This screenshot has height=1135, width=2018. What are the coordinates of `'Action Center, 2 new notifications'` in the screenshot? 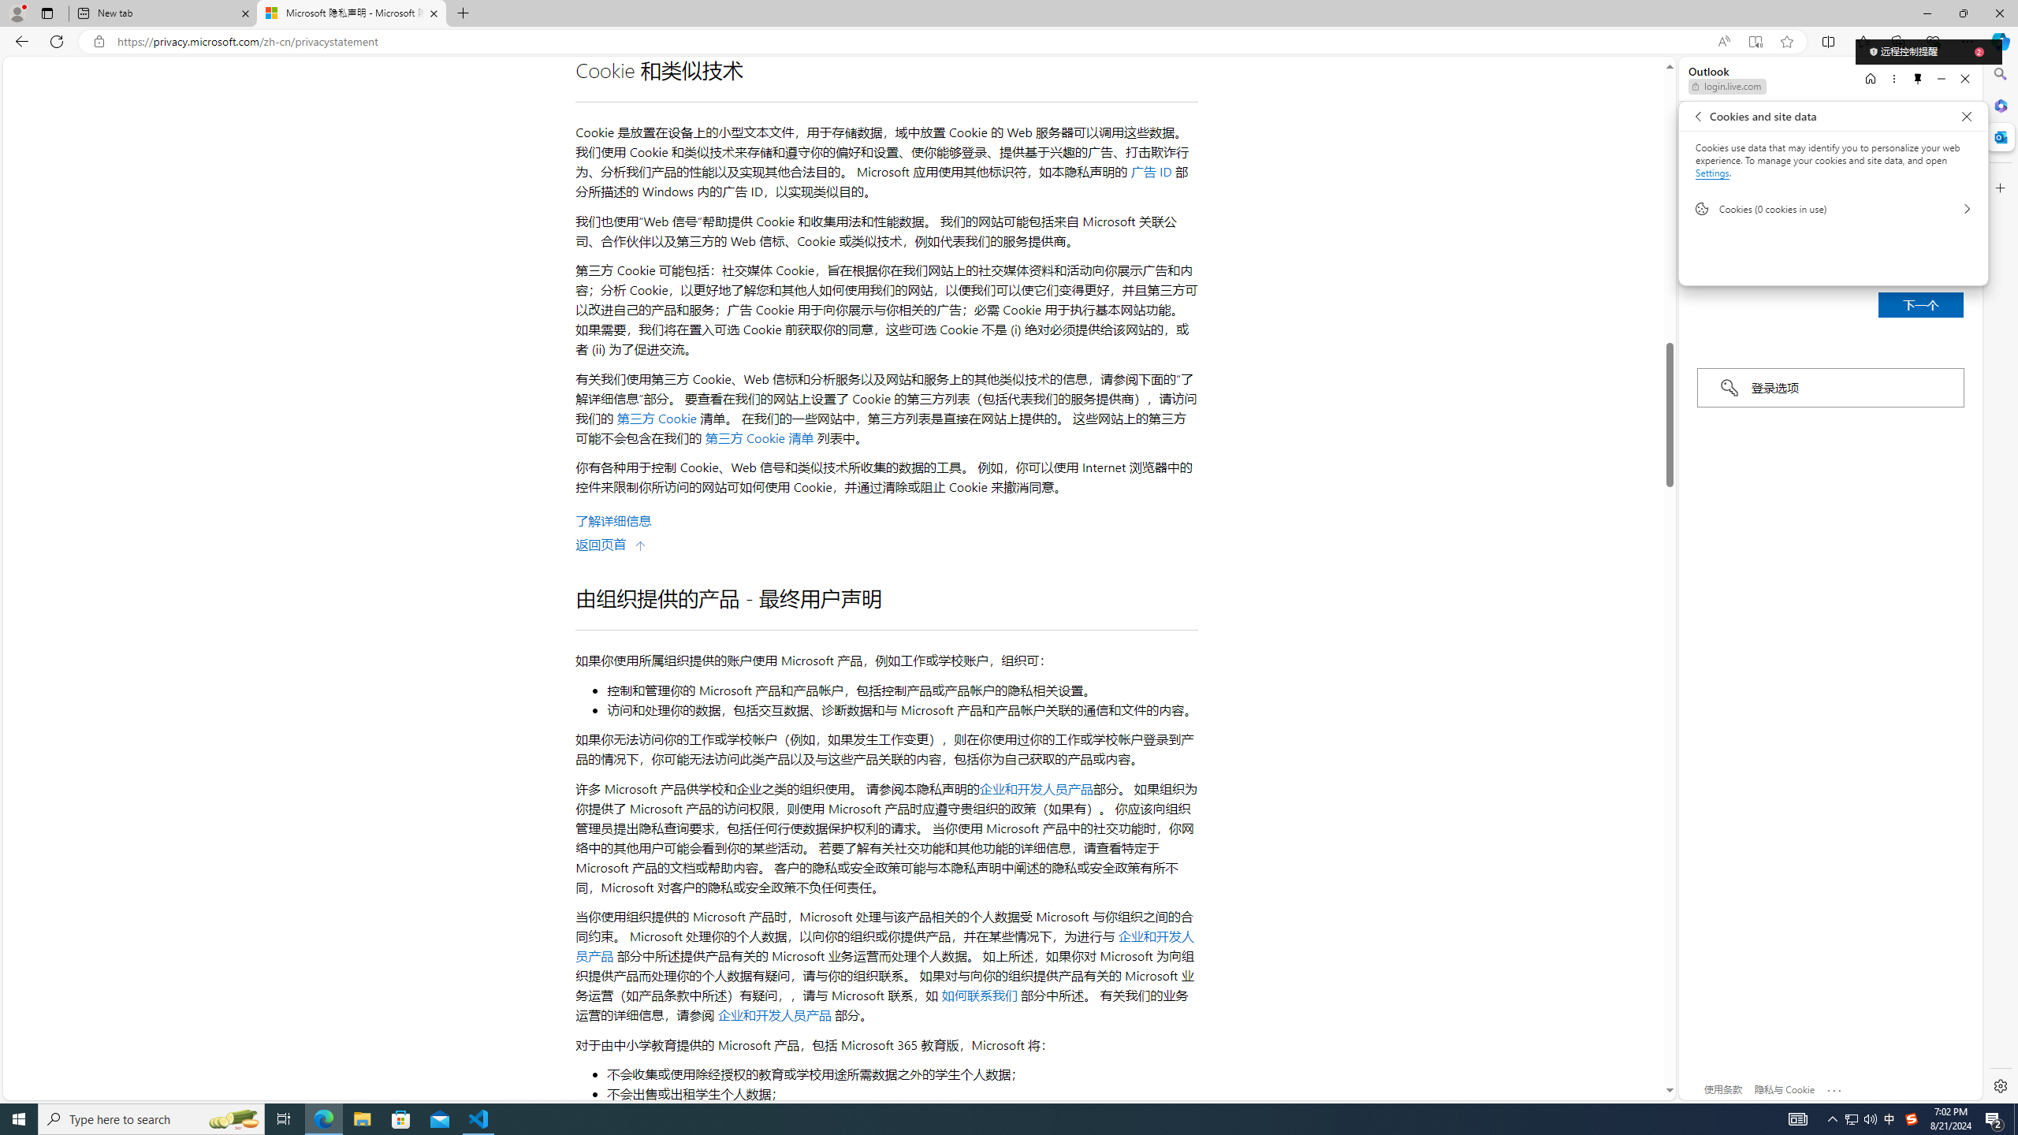 It's located at (1994, 1118).